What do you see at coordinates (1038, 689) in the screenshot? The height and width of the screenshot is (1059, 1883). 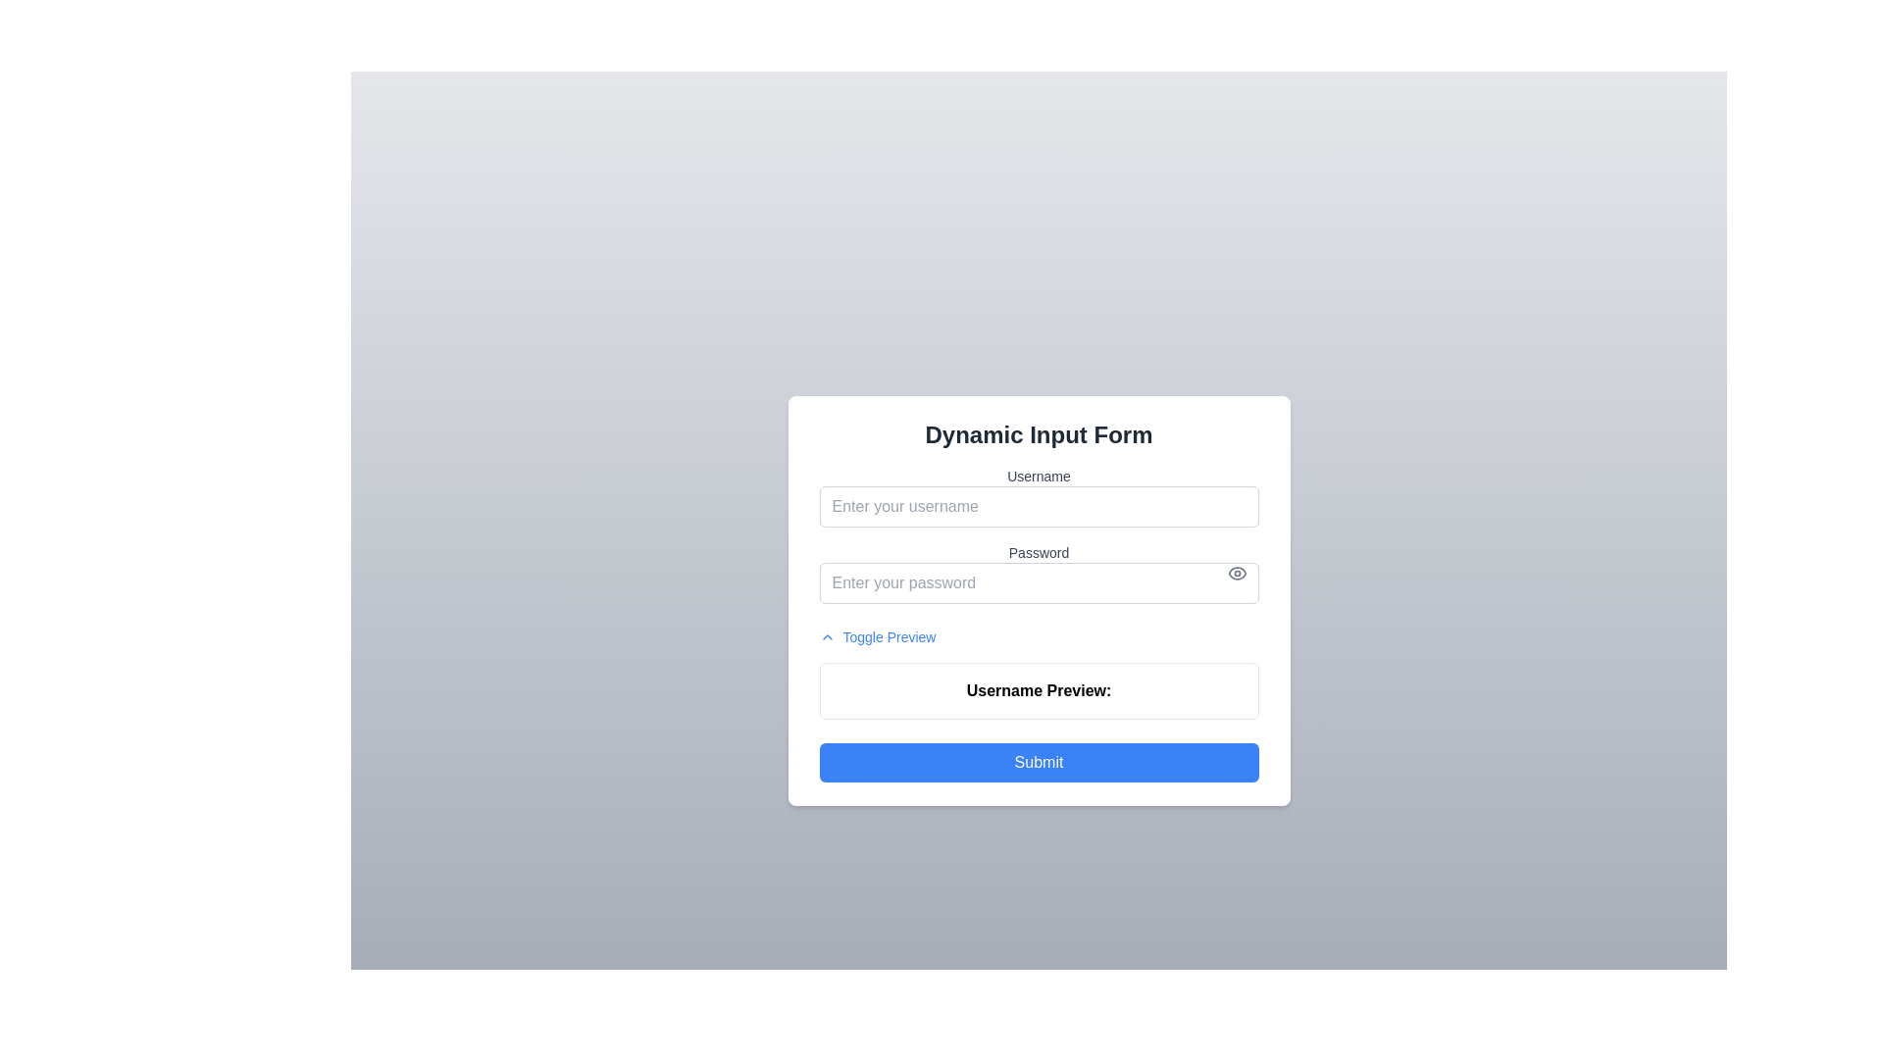 I see `the Text label that provides guidance or categorization, located below the 'Toggle Preview' section and above the text input and 'Submit' button` at bounding box center [1038, 689].